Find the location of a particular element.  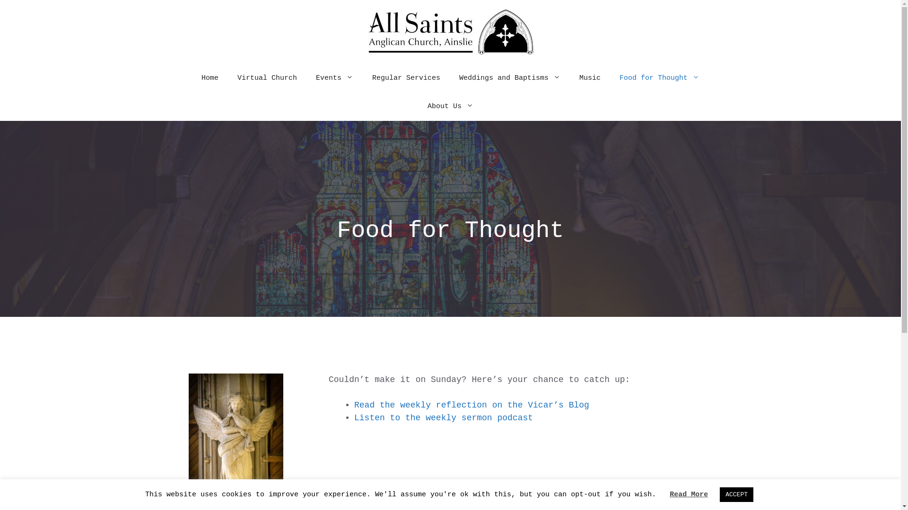

'Food for Thought' is located at coordinates (659, 77).